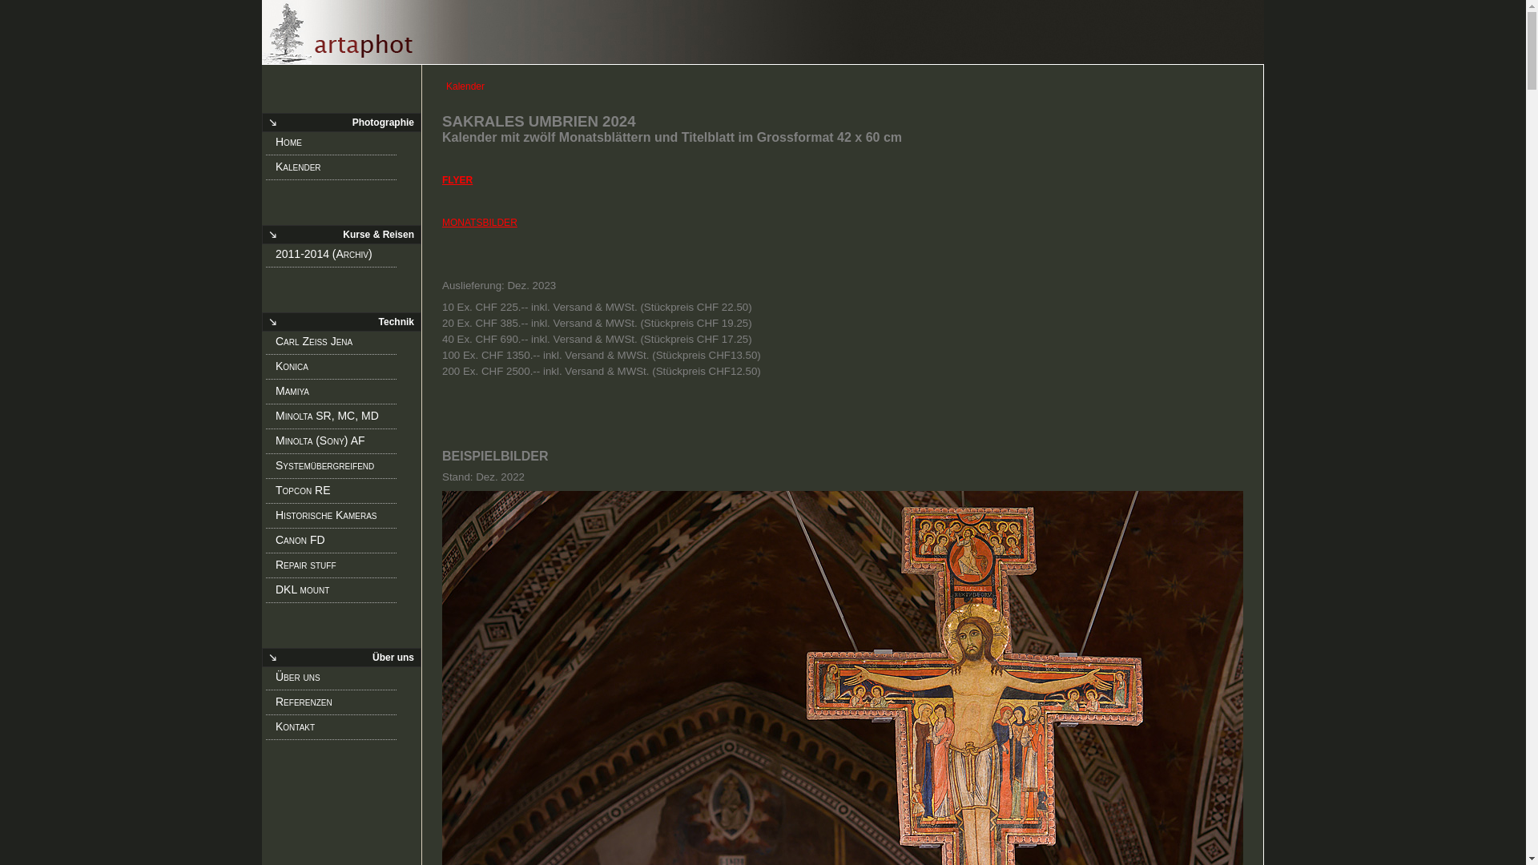 This screenshot has width=1538, height=865. I want to click on 'Mamiya', so click(336, 394).